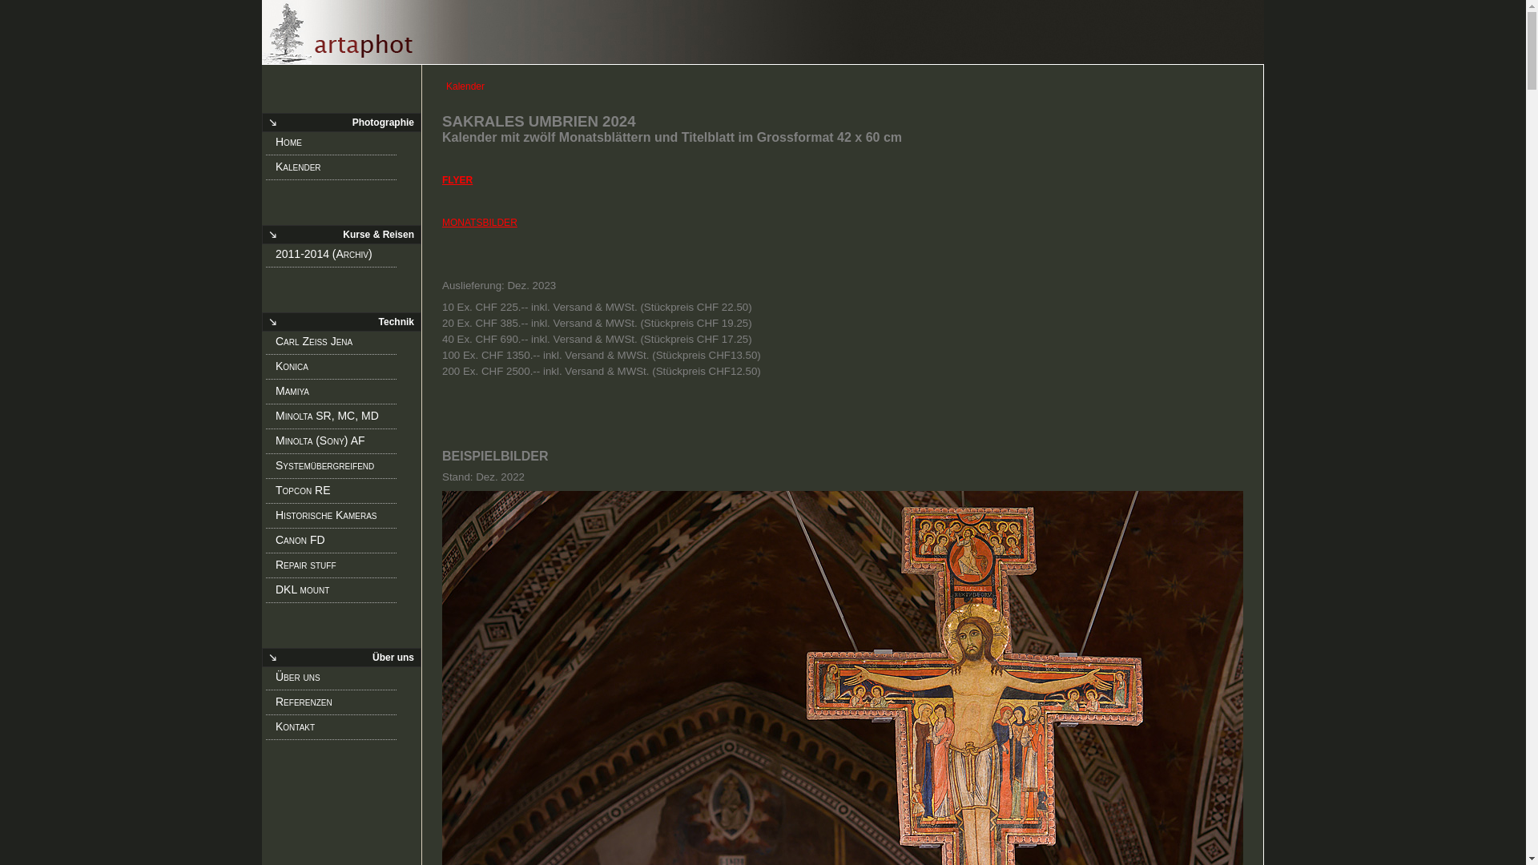 This screenshot has width=1538, height=865. I want to click on 'Mamiya', so click(336, 394).